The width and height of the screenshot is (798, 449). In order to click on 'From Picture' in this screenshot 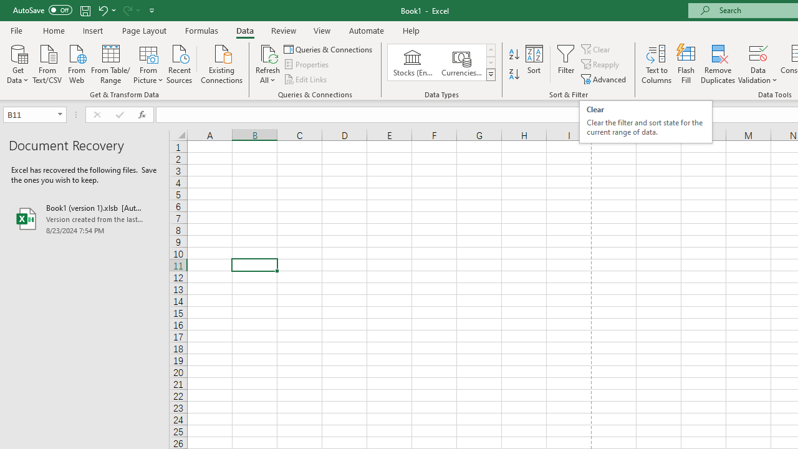, I will do `click(148, 63)`.